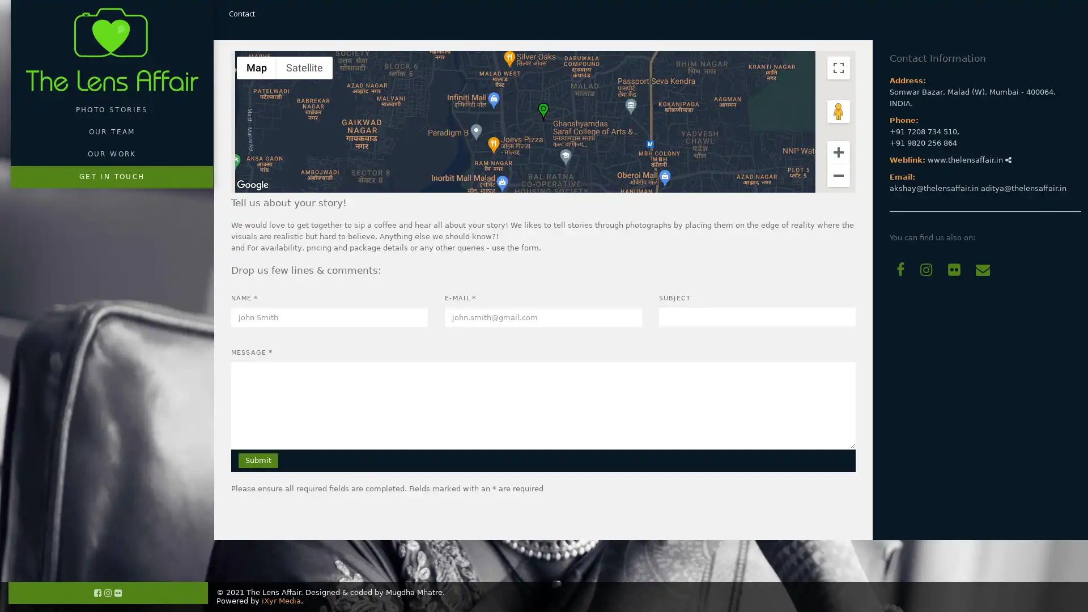 The image size is (1088, 612). I want to click on Zoom in, so click(838, 151).